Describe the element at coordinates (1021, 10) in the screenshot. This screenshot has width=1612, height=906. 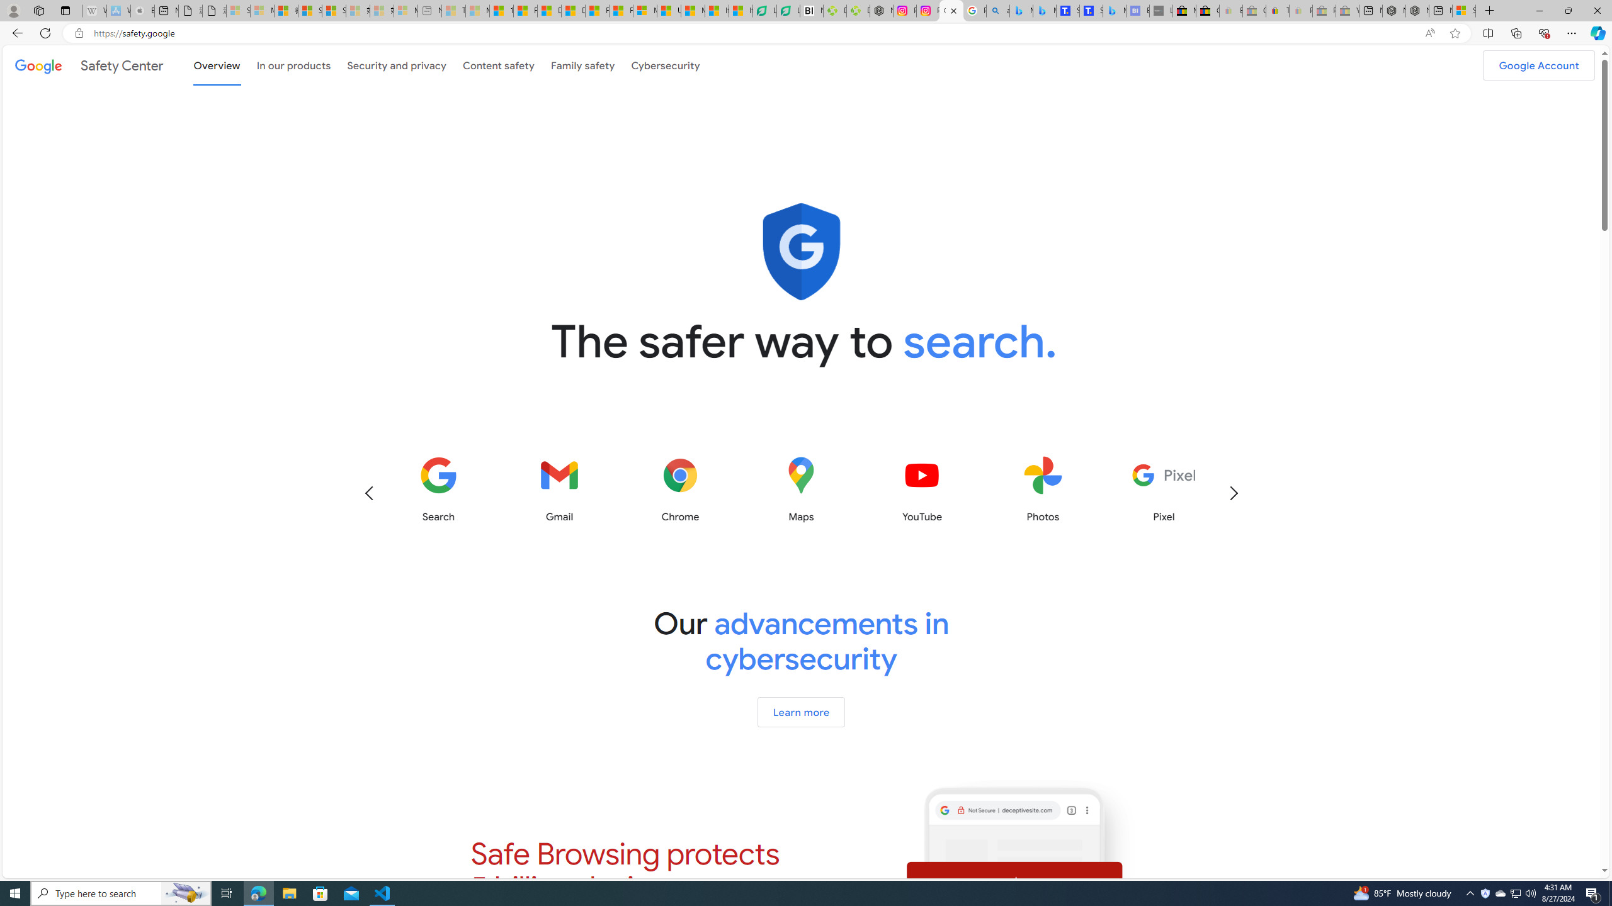
I see `'Microsoft Bing Travel - Flights from Hong Kong to Bangkok'` at that location.